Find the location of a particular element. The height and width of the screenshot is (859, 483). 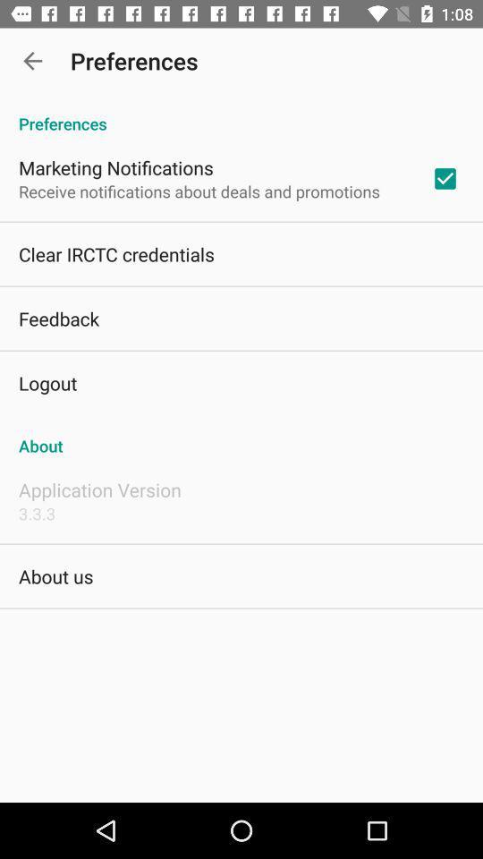

the icon above clear irctc credentials app is located at coordinates (198, 191).